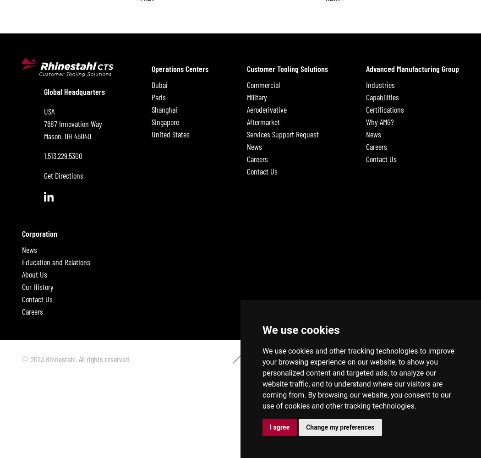  Describe the element at coordinates (300, 330) in the screenshot. I see `'We use cookies'` at that location.